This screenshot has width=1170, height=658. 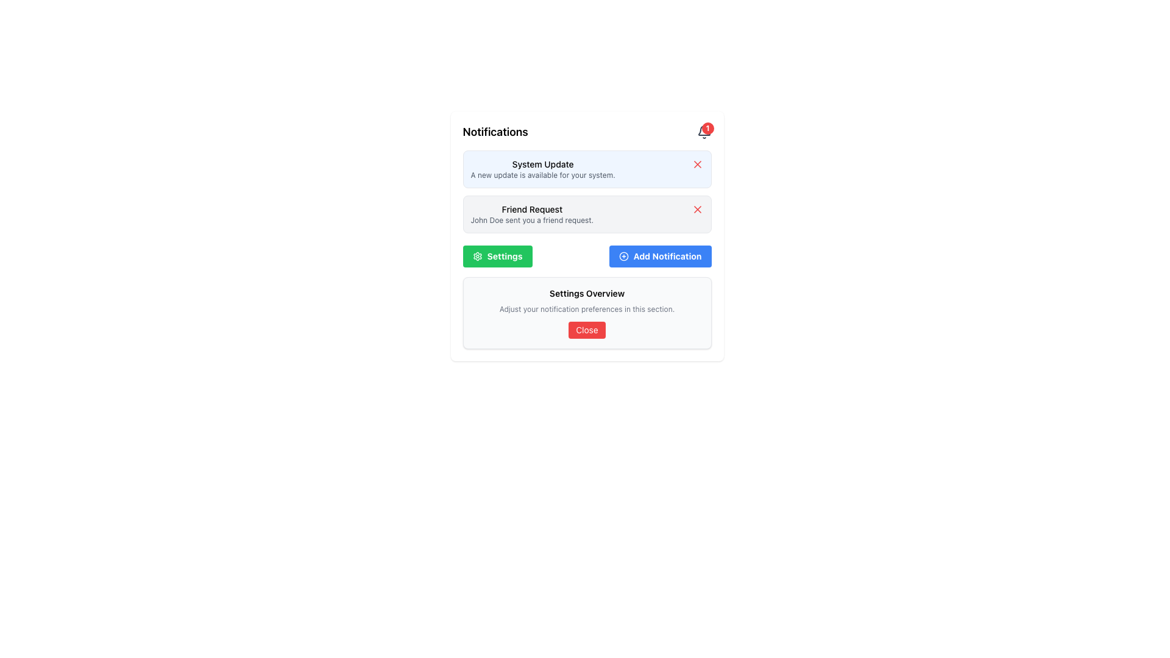 What do you see at coordinates (587, 312) in the screenshot?
I see `the section titled 'Settings Overview' which includes a red button labeled 'Close' at the bottom` at bounding box center [587, 312].